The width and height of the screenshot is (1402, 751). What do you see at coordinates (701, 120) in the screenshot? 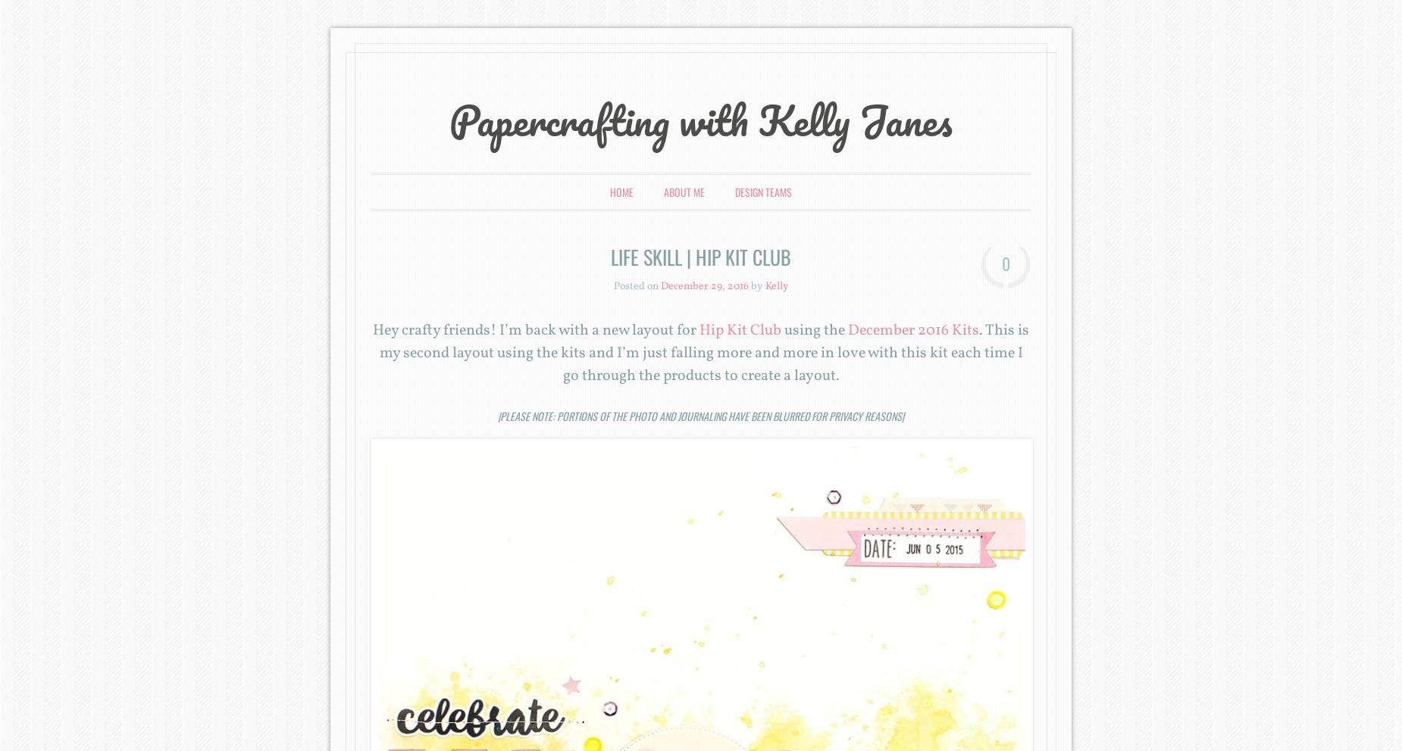
I see `'Papercrafting with Kelly Janes'` at bounding box center [701, 120].